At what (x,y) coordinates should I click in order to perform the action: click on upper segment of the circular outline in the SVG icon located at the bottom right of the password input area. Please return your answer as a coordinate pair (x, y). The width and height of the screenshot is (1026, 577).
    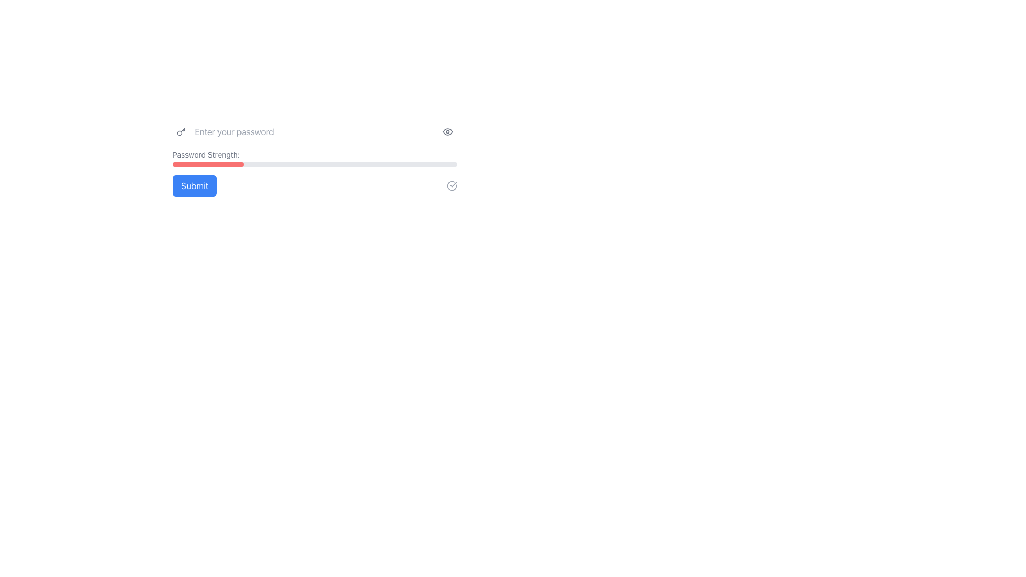
    Looking at the image, I should click on (452, 185).